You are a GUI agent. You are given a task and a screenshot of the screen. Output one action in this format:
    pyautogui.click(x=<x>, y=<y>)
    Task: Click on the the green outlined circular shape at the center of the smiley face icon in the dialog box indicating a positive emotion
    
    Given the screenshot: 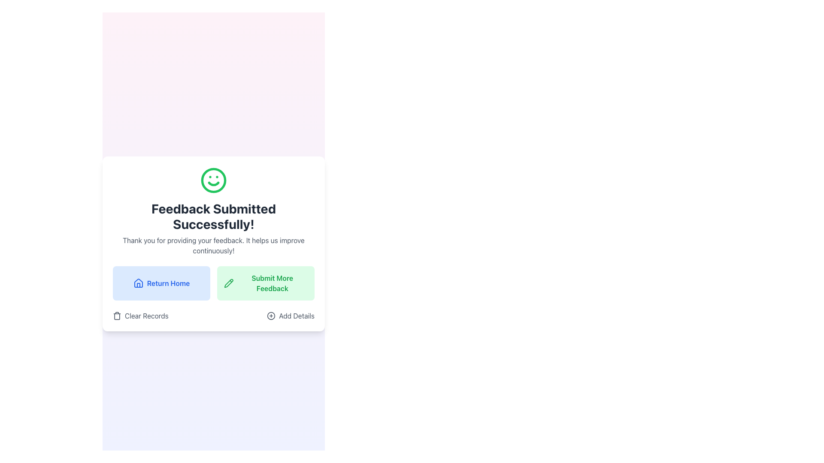 What is the action you would take?
    pyautogui.click(x=214, y=180)
    